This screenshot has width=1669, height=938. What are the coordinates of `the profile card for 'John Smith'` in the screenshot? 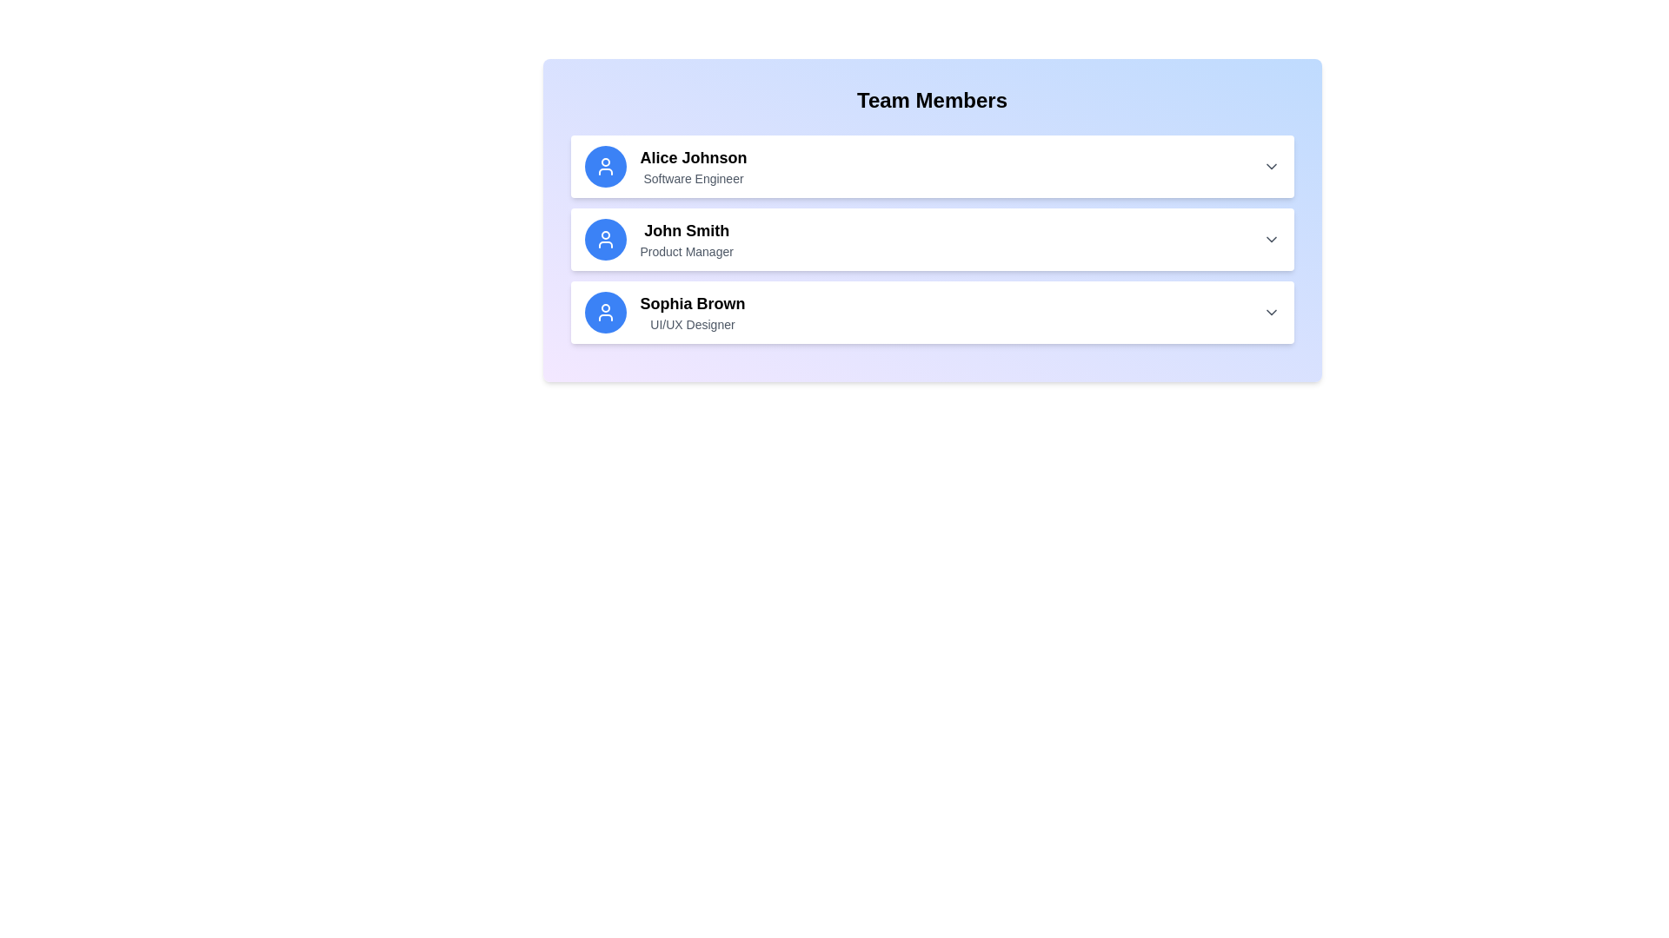 It's located at (931, 240).